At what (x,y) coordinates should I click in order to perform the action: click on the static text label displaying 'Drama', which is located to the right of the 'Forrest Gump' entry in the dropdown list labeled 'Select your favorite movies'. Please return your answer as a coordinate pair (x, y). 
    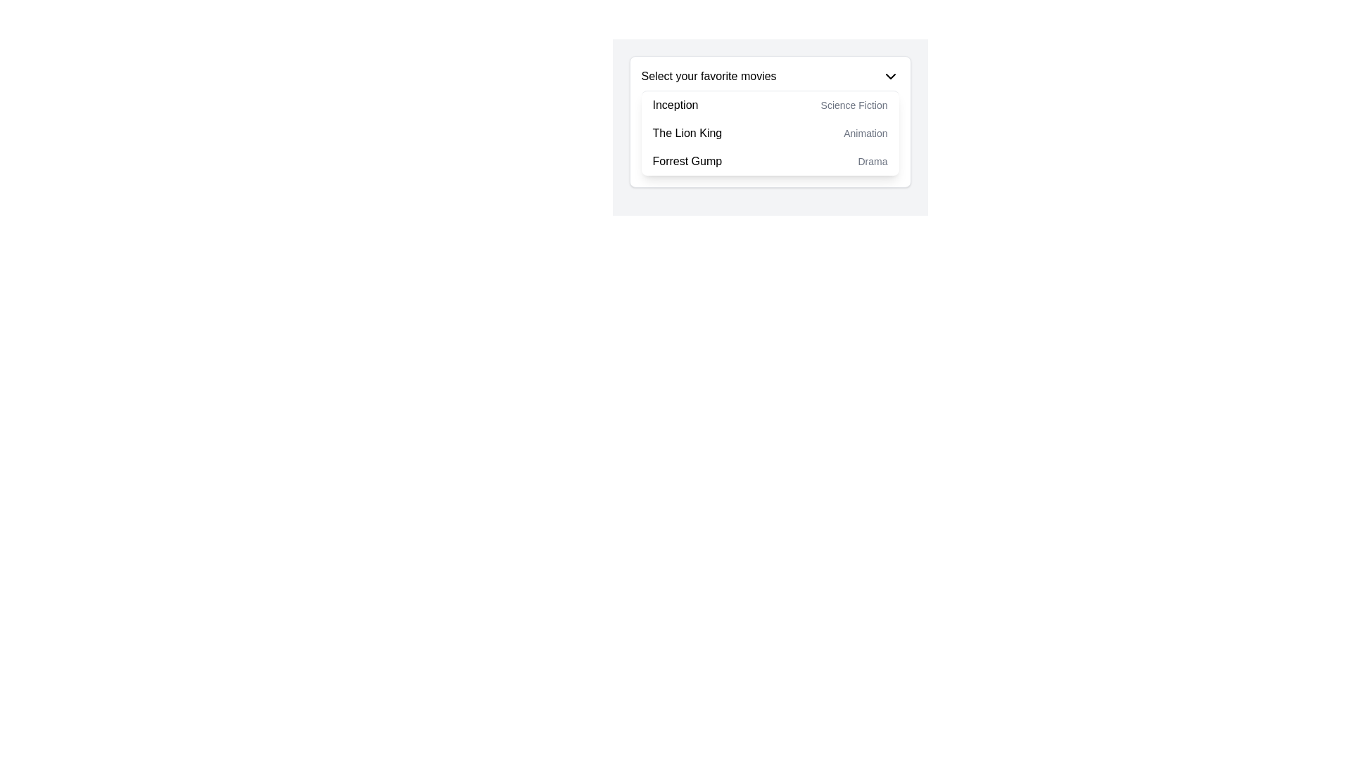
    Looking at the image, I should click on (872, 161).